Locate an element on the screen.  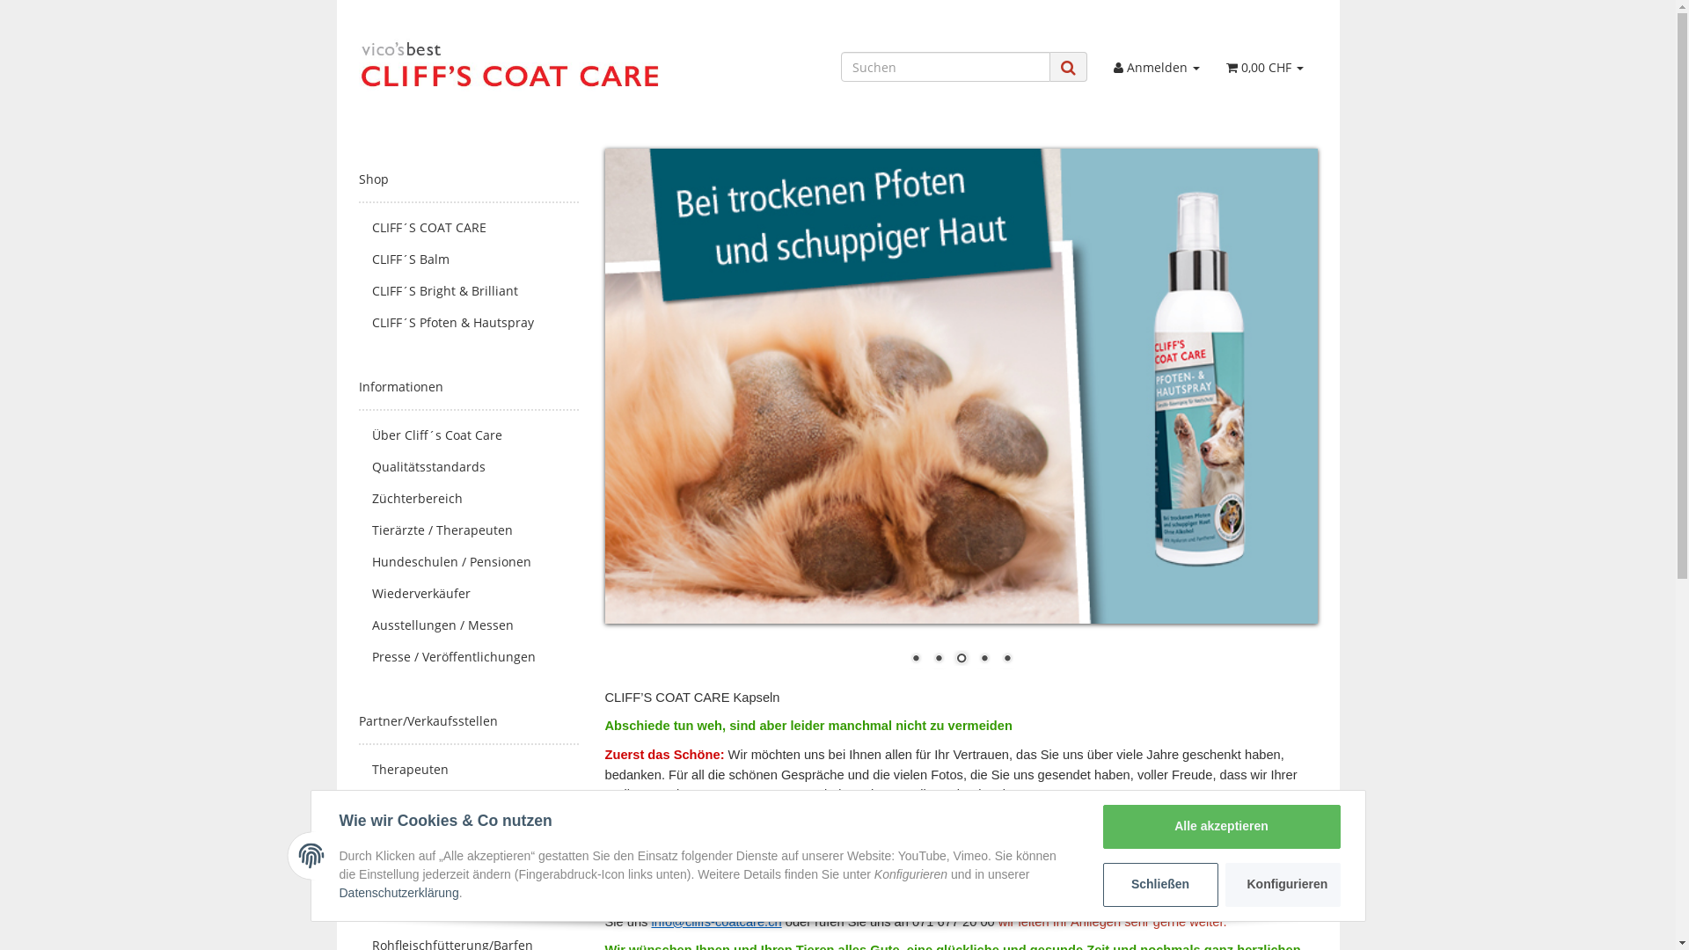
'5' is located at coordinates (1007, 659).